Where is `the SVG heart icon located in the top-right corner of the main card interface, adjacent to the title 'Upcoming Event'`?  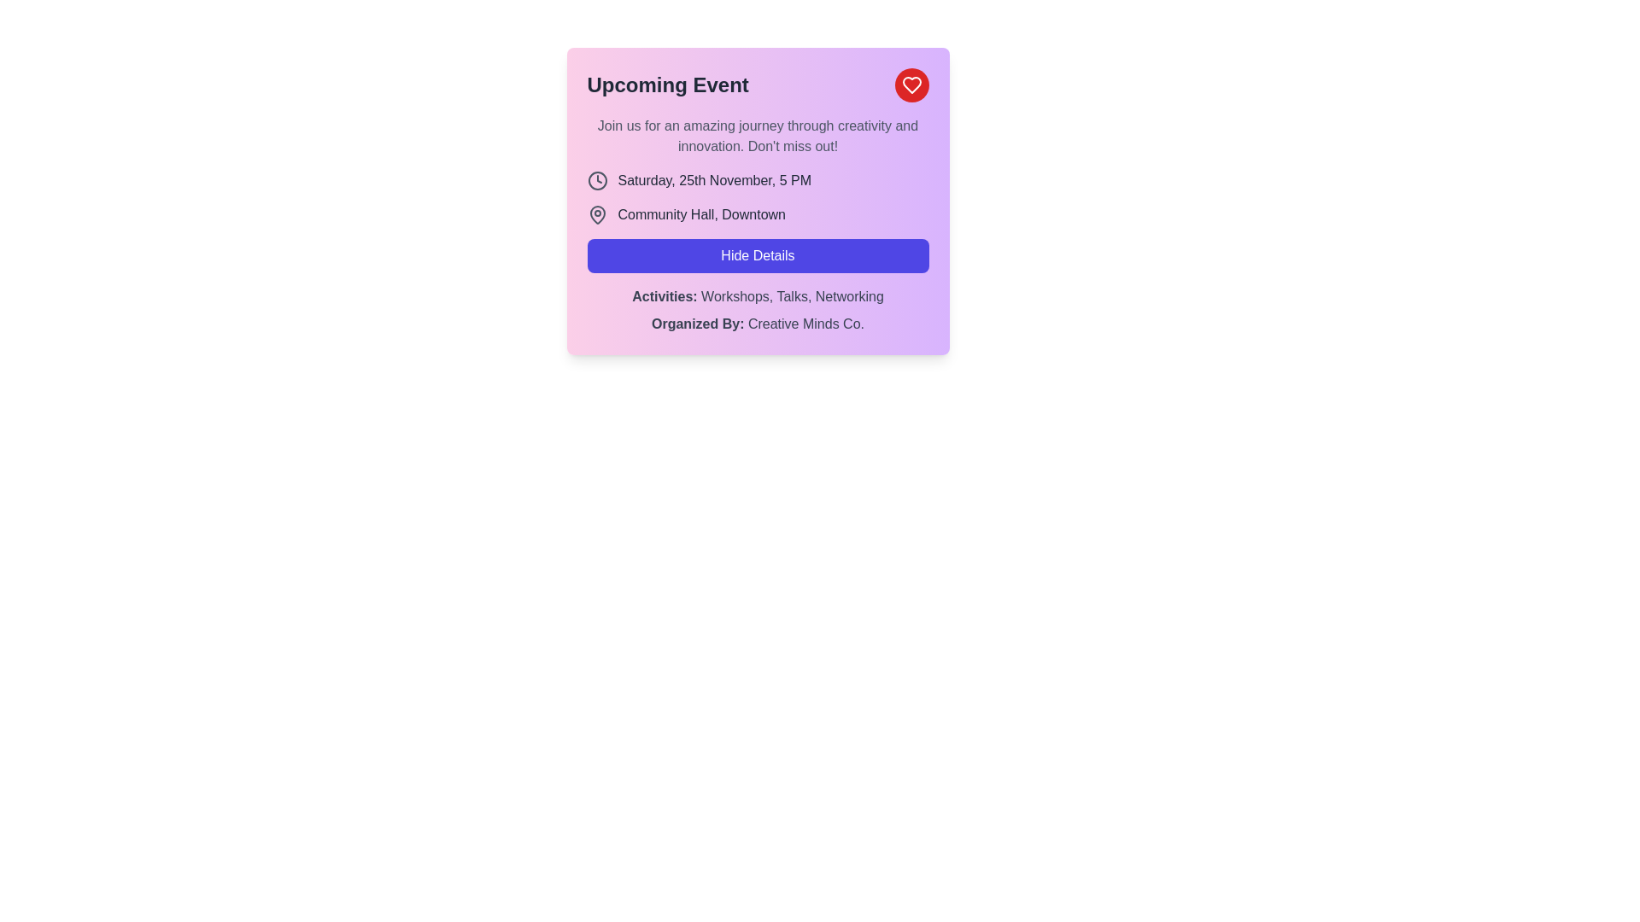 the SVG heart icon located in the top-right corner of the main card interface, adjacent to the title 'Upcoming Event' is located at coordinates (911, 85).